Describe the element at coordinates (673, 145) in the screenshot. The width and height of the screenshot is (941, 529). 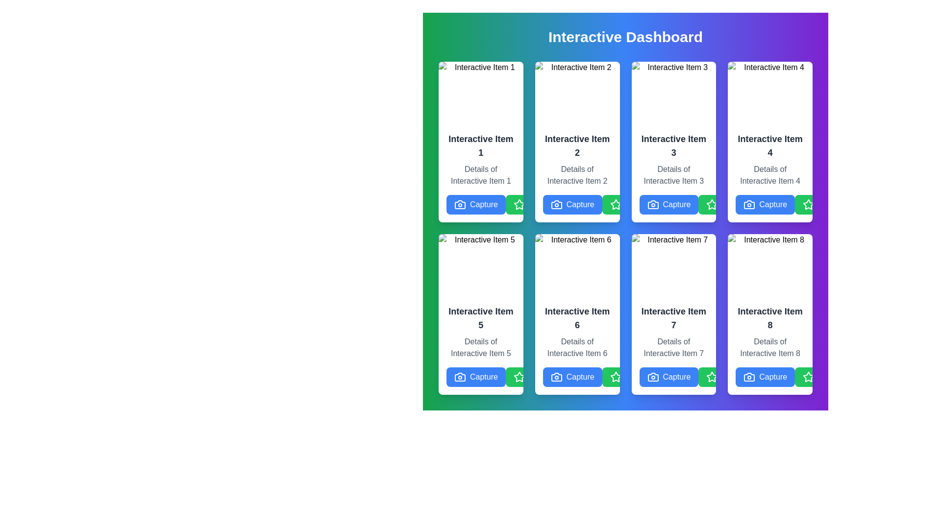
I see `the text element displaying 'Interactive Item 3' in bold and large font, located in the third card of the top row under 'Interactive Dashboard'` at that location.